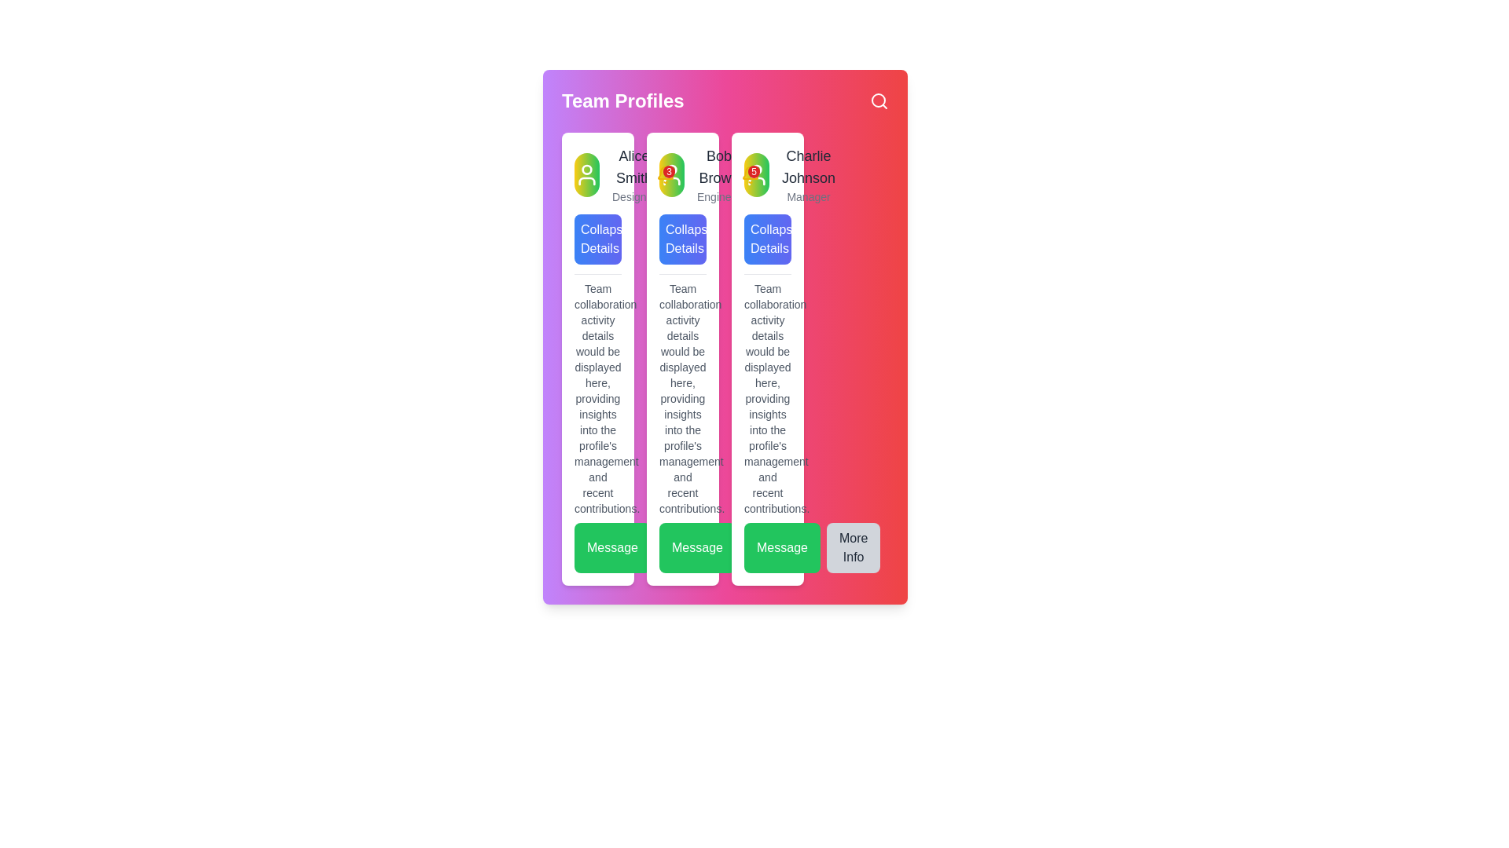 This screenshot has height=848, width=1509. Describe the element at coordinates (597, 547) in the screenshot. I see `the messaging call-to-action button located in the bottom-left corner of the team collaboration section for keyboard navigation` at that location.